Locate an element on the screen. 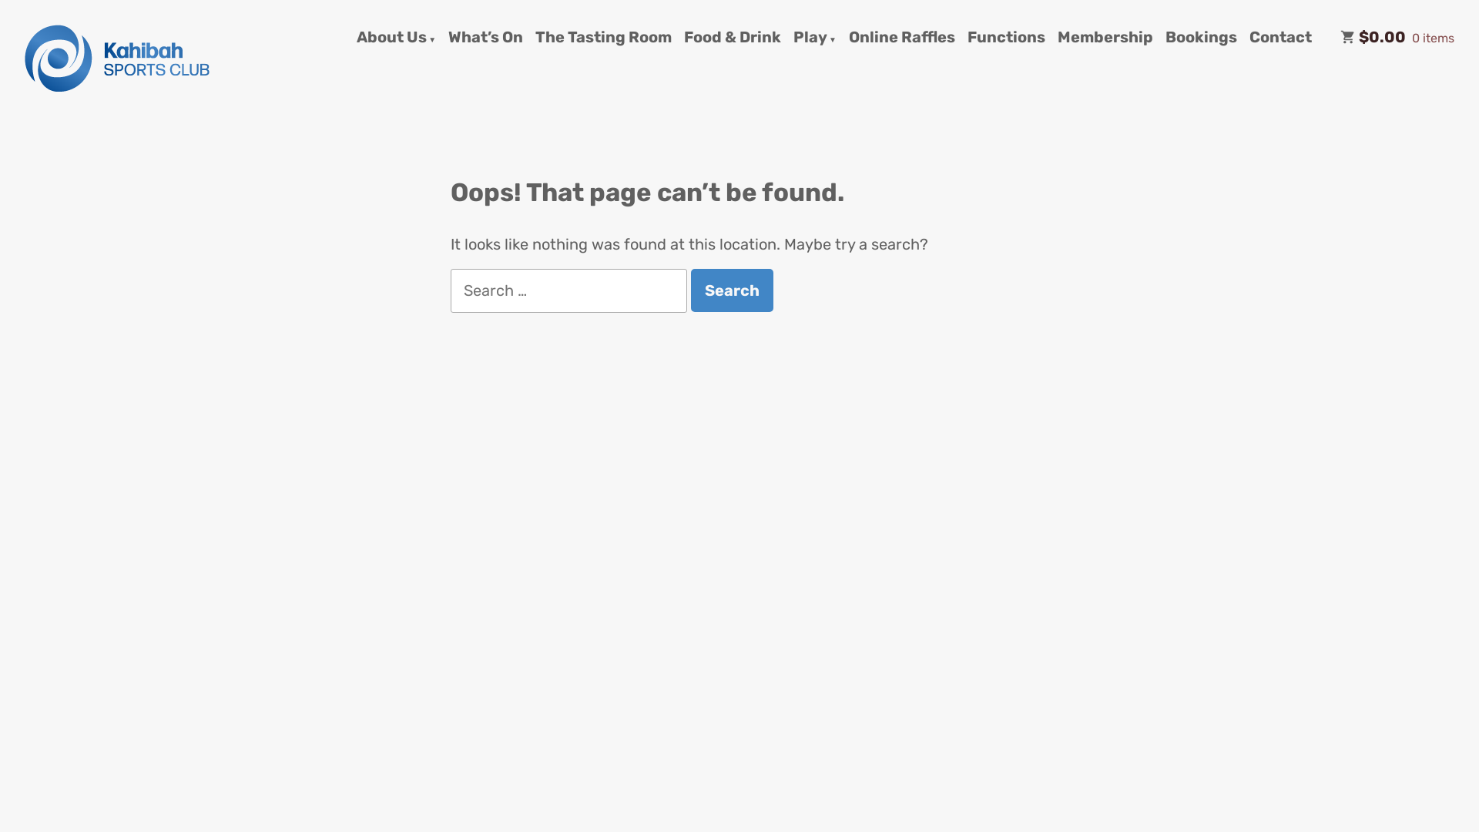 This screenshot has width=1479, height=832. 'Bookings' is located at coordinates (1200, 37).